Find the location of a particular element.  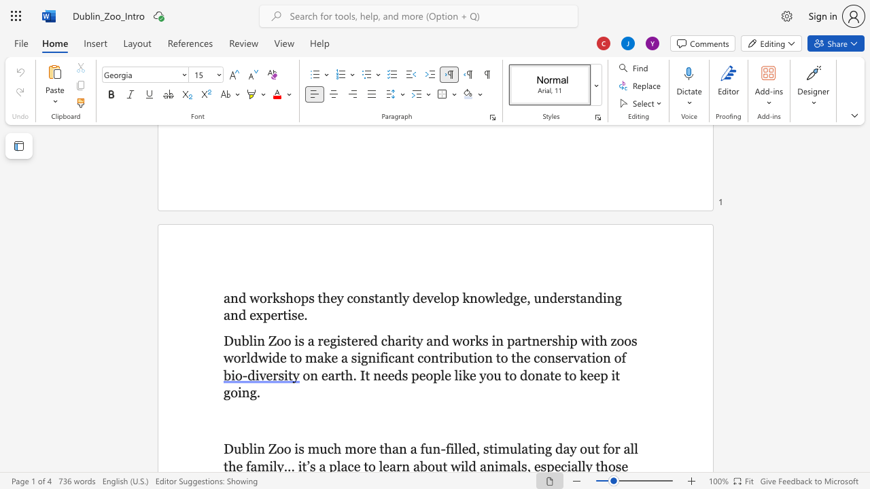

the 1th character "y" in the text is located at coordinates (340, 297).